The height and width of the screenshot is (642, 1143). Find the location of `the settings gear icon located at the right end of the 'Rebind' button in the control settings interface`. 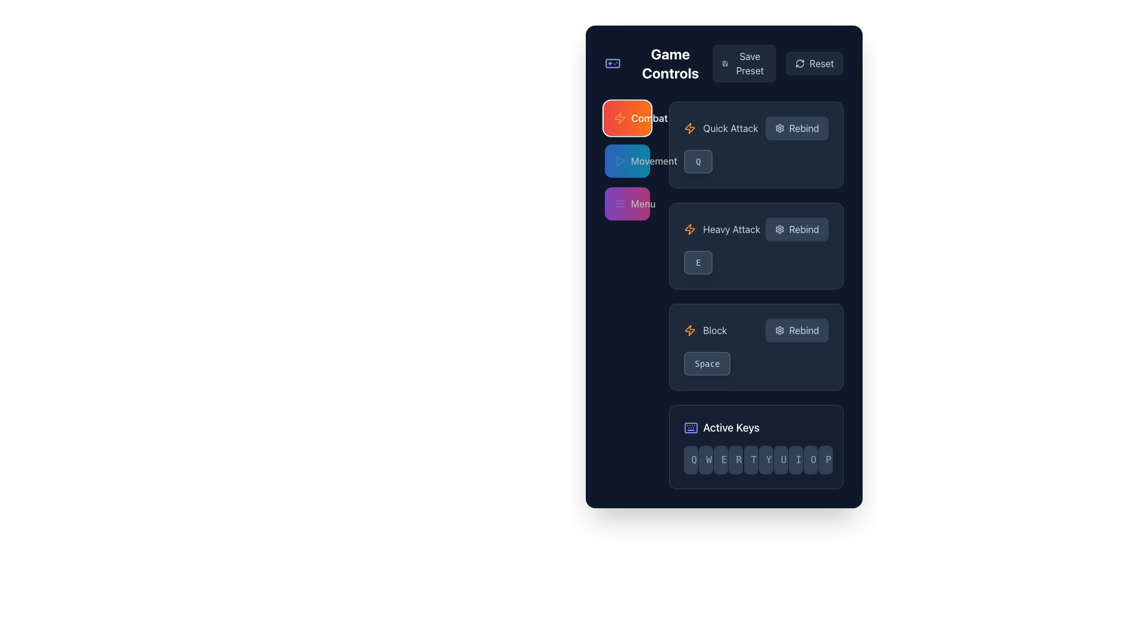

the settings gear icon located at the right end of the 'Rebind' button in the control settings interface is located at coordinates (779, 330).